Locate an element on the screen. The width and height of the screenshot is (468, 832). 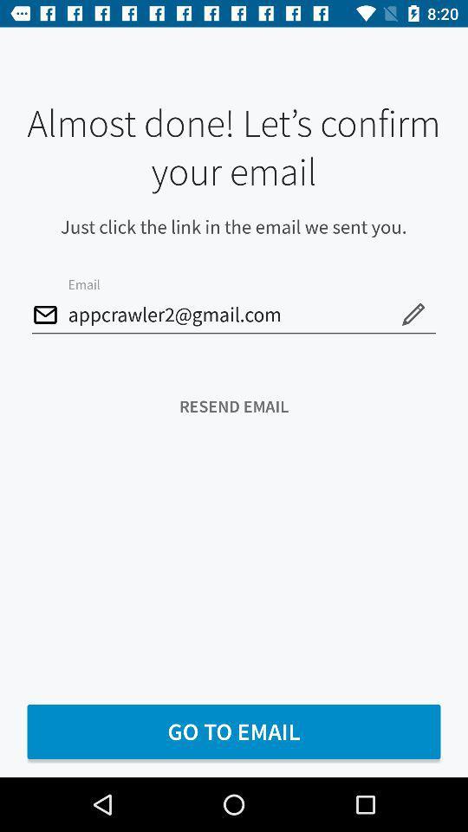
item below the just click the icon is located at coordinates (234, 315).